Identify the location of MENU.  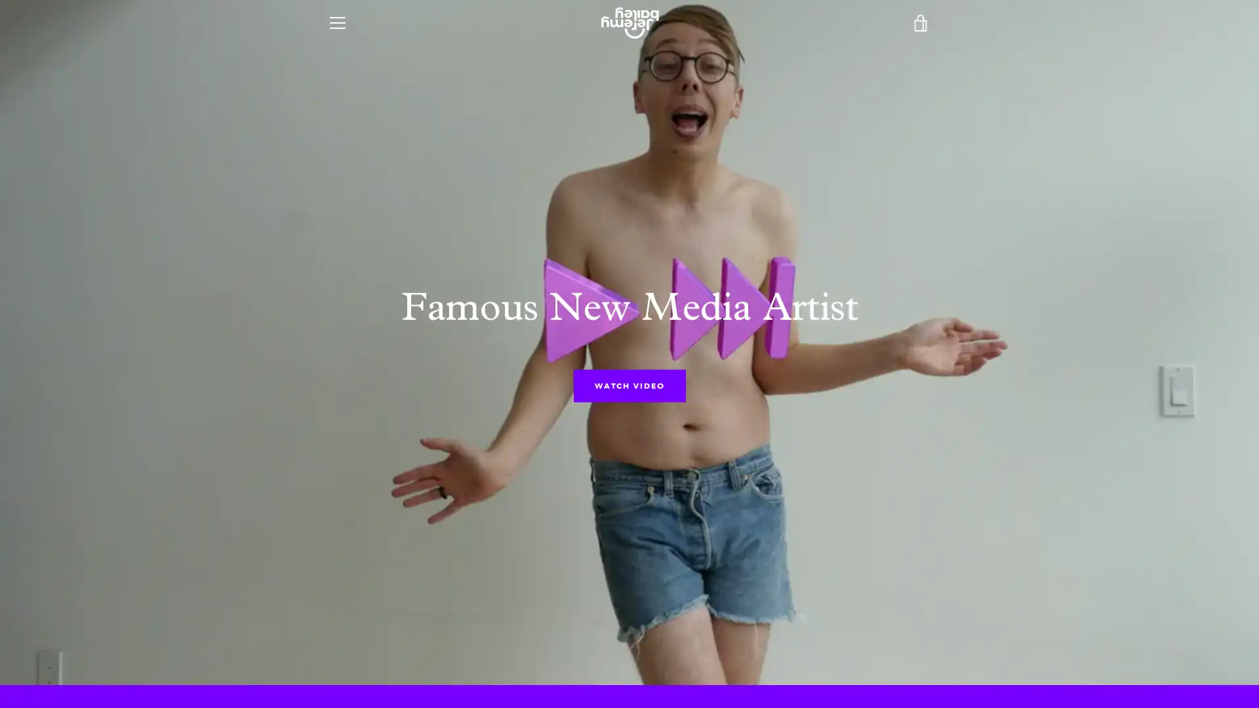
(337, 22).